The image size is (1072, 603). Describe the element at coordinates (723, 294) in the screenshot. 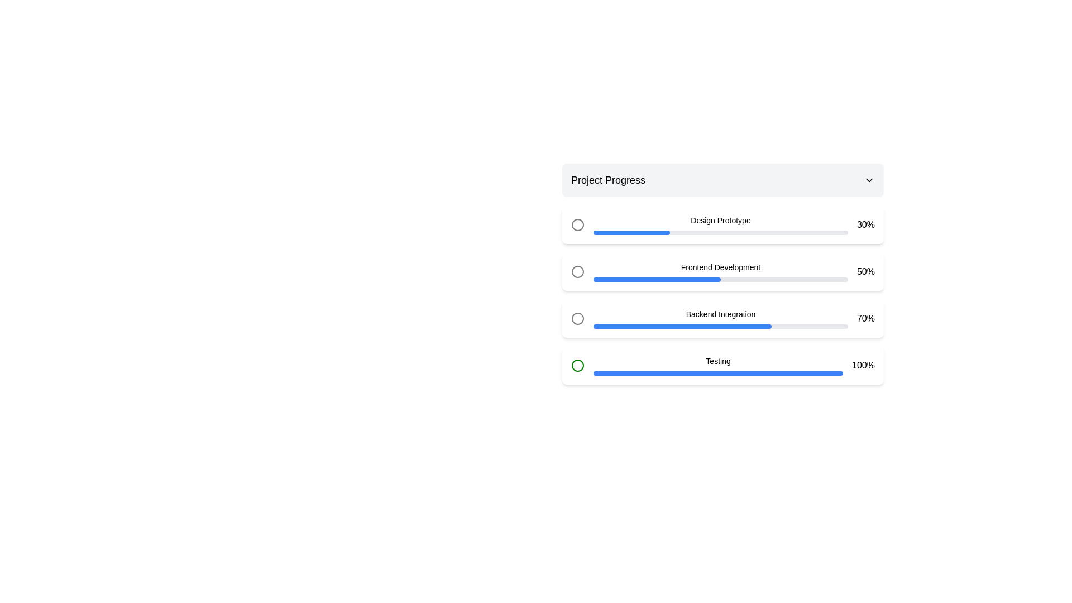

I see `percentage value of the progress bar labeled 'Frontend Development', which currently shows '50%'` at that location.